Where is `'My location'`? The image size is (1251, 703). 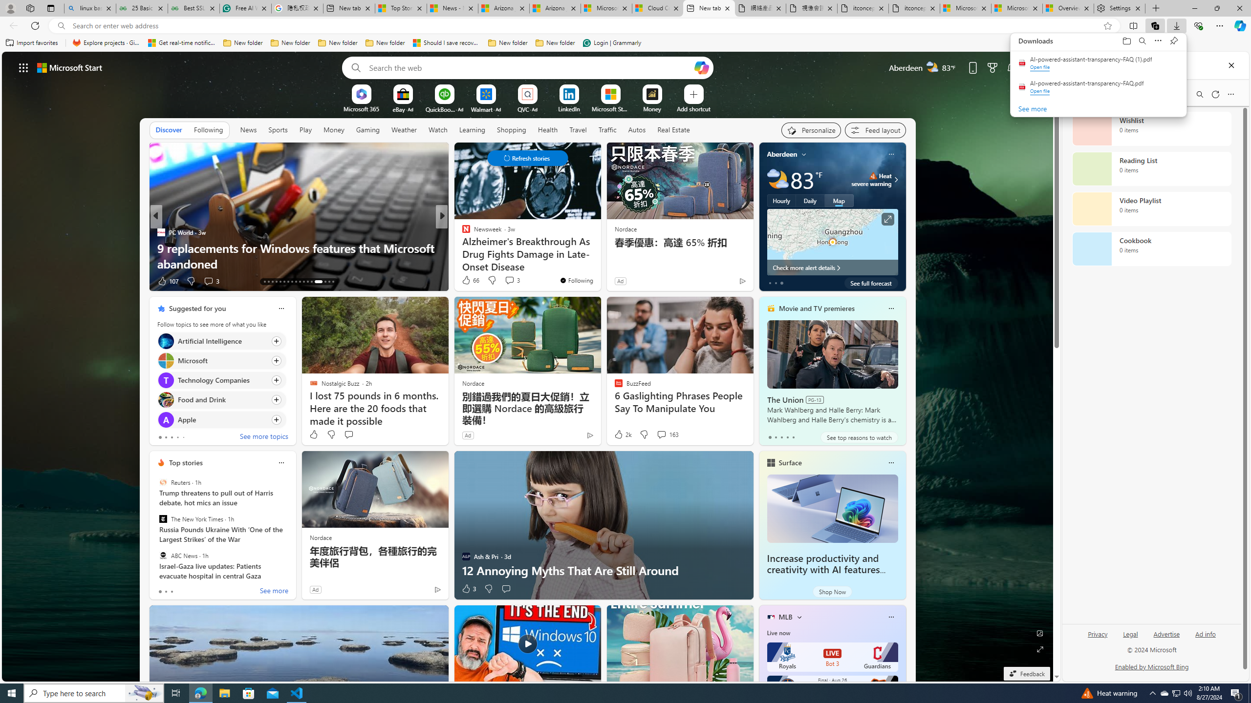
'My location' is located at coordinates (804, 154).